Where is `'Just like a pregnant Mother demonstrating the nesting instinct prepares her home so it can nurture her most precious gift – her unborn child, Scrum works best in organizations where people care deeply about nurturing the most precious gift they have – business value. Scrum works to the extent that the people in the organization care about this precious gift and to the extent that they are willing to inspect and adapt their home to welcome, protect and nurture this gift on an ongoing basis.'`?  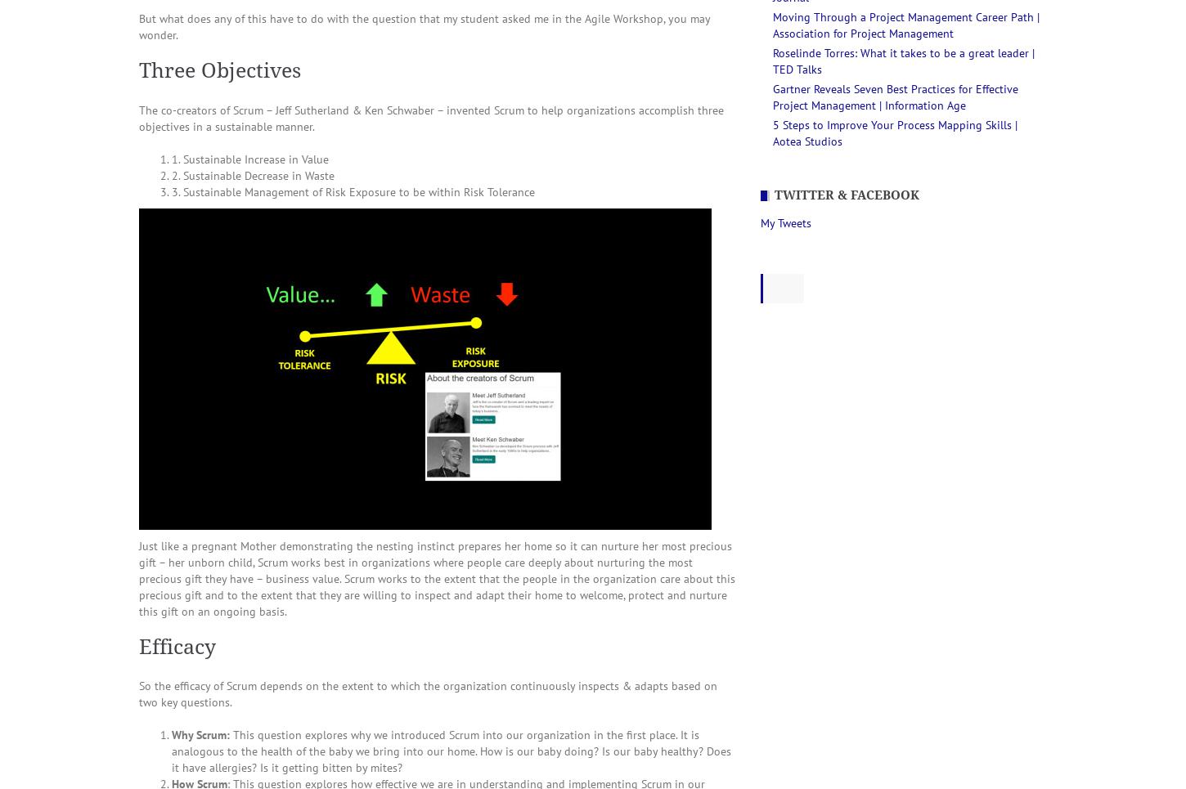 'Just like a pregnant Mother demonstrating the nesting instinct prepares her home so it can nurture her most precious gift – her unborn child, Scrum works best in organizations where people care deeply about nurturing the most precious gift they have – business value. Scrum works to the extent that the people in the organization care about this precious gift and to the extent that they are willing to inspect and adapt their home to welcome, protect and nurture this gift on an ongoing basis.' is located at coordinates (437, 577).